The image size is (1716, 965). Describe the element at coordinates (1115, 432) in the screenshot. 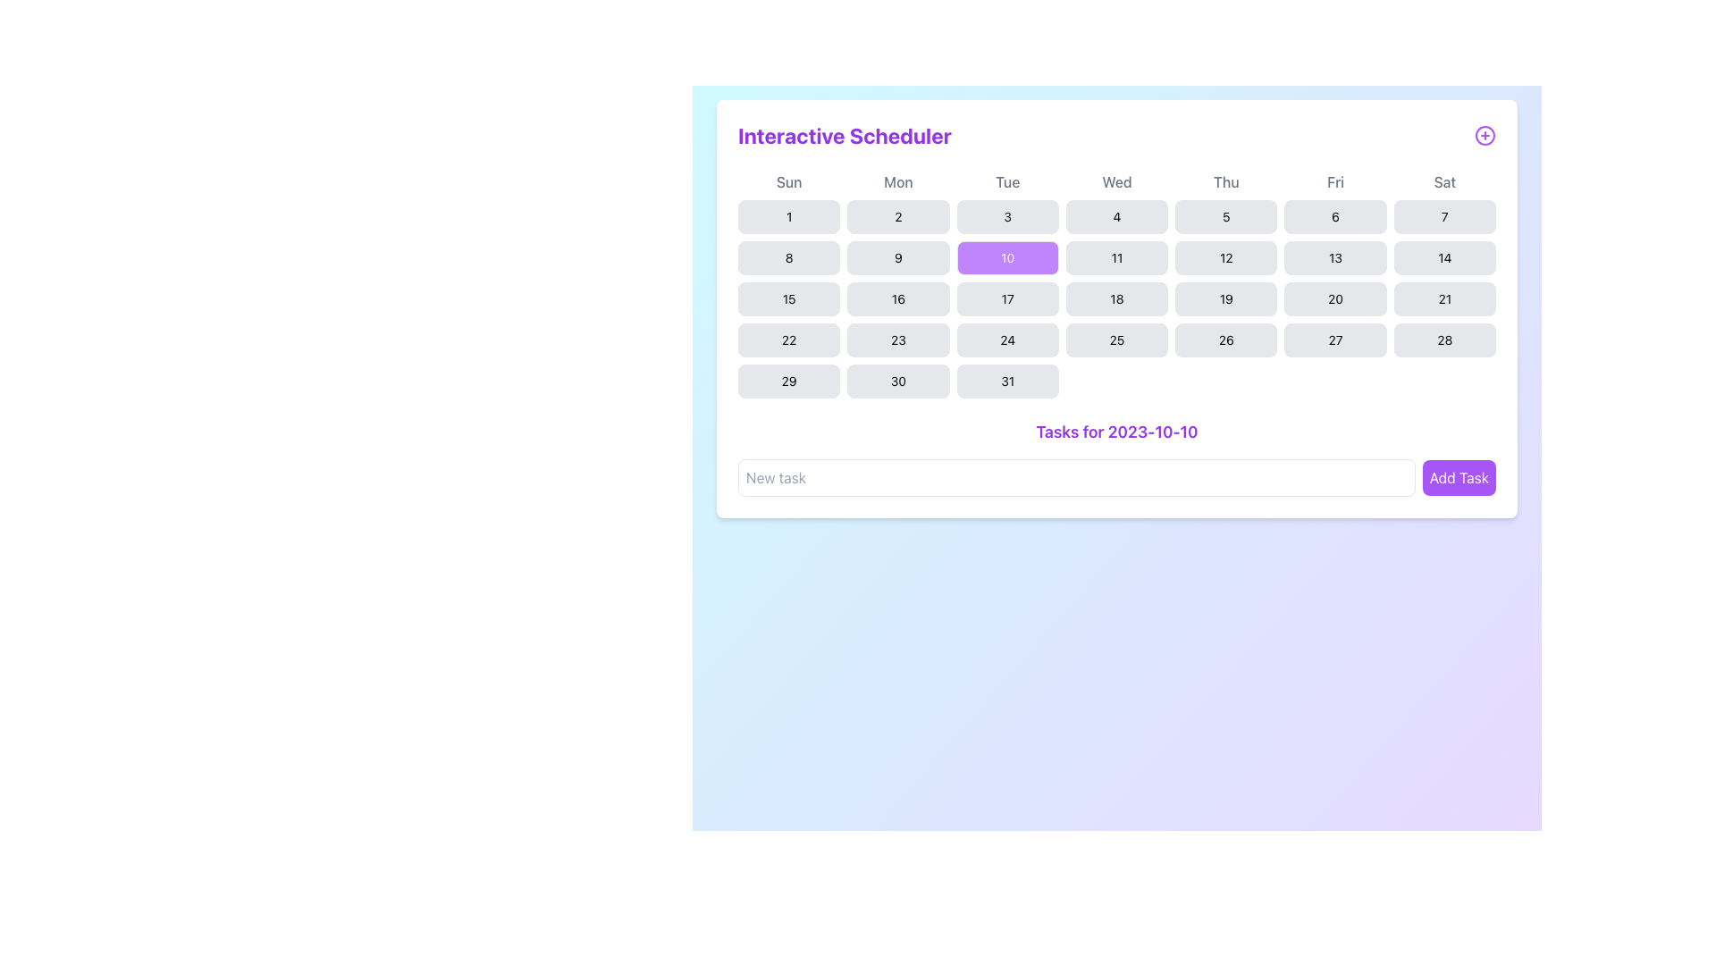

I see `the static text label displaying 'Tasks for 2023-10-10', which is styled in bold purple font and positioned prominently below the calendar and above the 'Add Task' button` at that location.